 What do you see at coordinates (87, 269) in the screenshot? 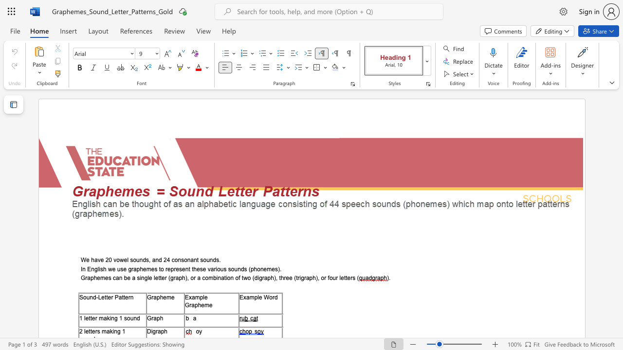
I see `the subset text "English we use graphe" within the text "In English we use graphemes to"` at bounding box center [87, 269].